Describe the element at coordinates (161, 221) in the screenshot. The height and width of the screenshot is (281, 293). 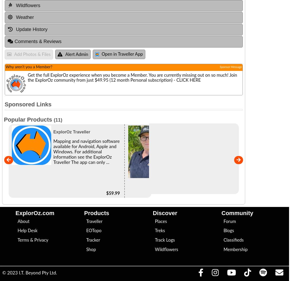
I see `'Places'` at that location.